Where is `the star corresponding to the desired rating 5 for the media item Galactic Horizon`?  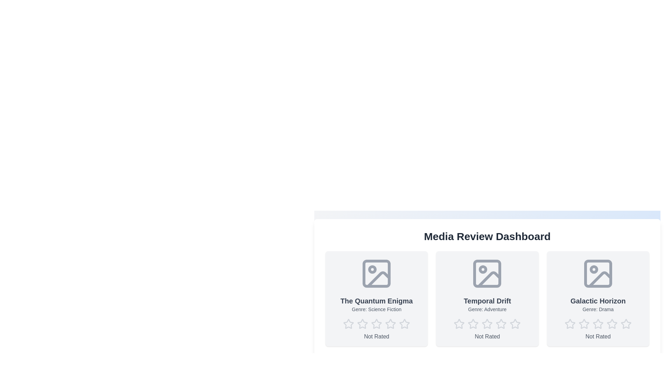
the star corresponding to the desired rating 5 for the media item Galactic Horizon is located at coordinates (626, 324).